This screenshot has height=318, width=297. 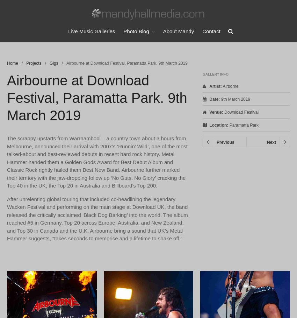 I want to click on 'Paramatta Park', so click(x=243, y=125).